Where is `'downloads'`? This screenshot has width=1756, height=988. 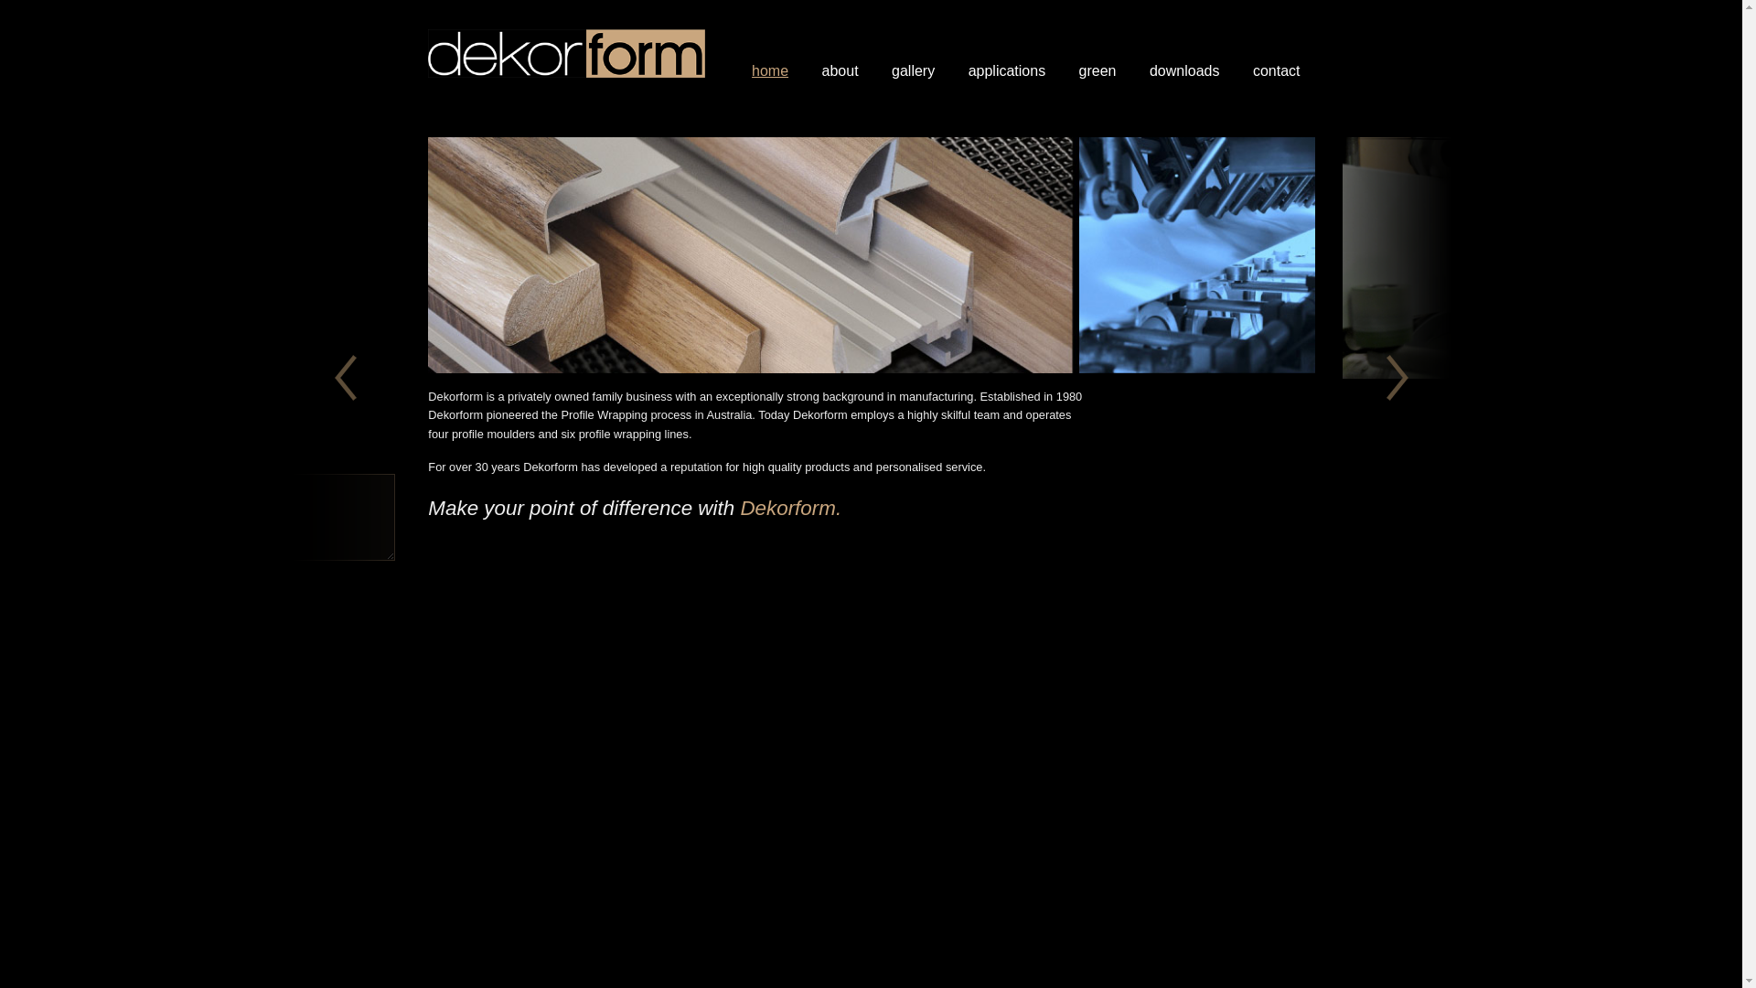 'downloads' is located at coordinates (1184, 52).